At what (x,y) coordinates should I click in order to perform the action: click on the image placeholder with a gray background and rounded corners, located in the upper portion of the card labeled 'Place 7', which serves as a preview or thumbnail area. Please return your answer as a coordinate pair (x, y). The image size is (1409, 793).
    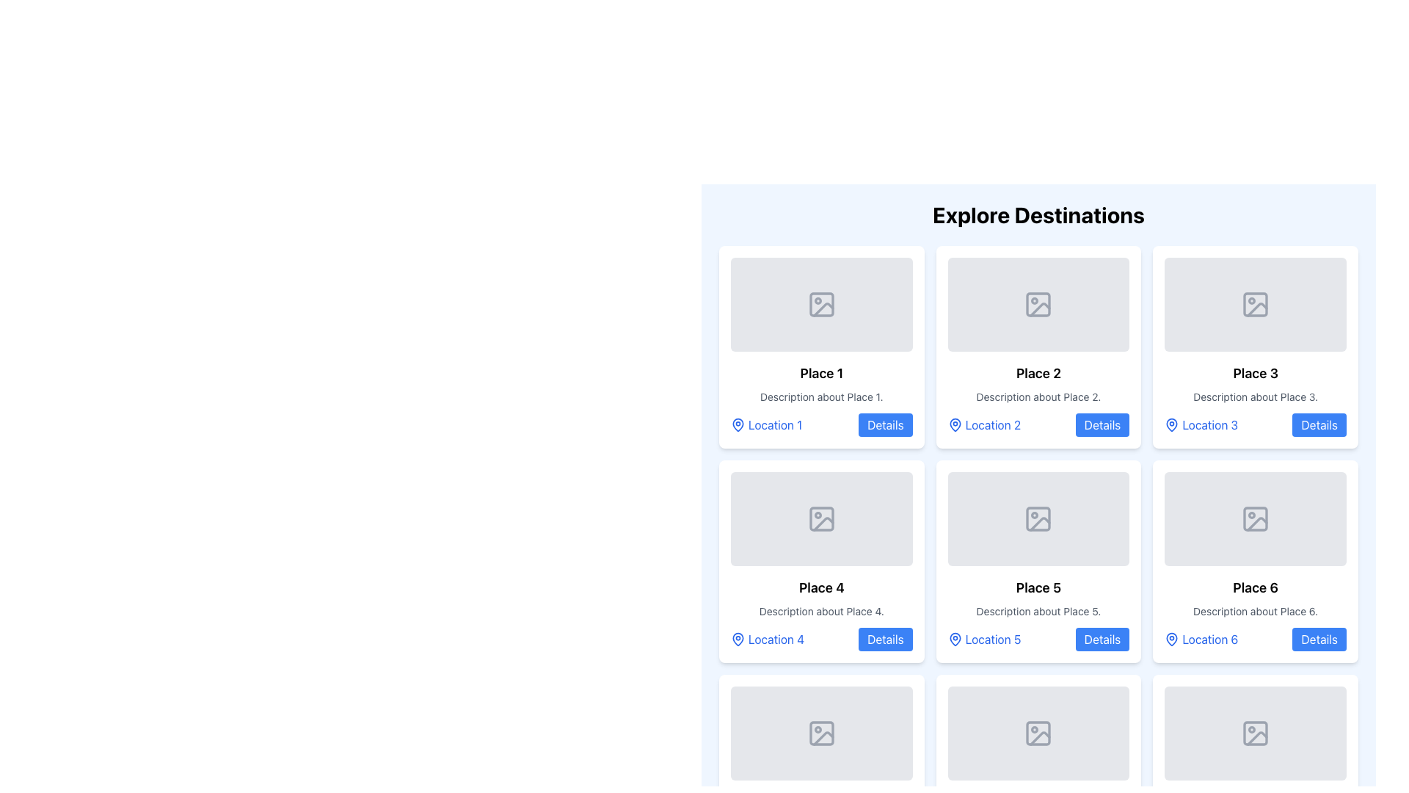
    Looking at the image, I should click on (820, 734).